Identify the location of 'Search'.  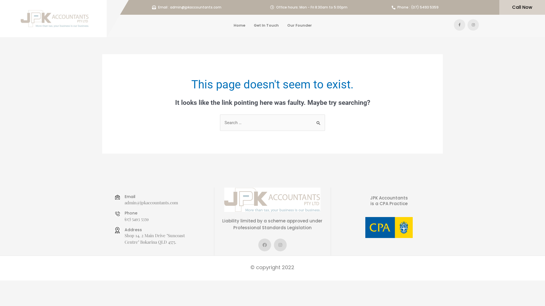
(318, 120).